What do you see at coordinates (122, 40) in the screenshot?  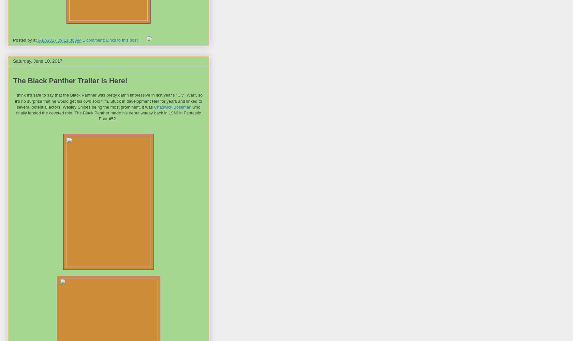 I see `'Links to this post'` at bounding box center [122, 40].